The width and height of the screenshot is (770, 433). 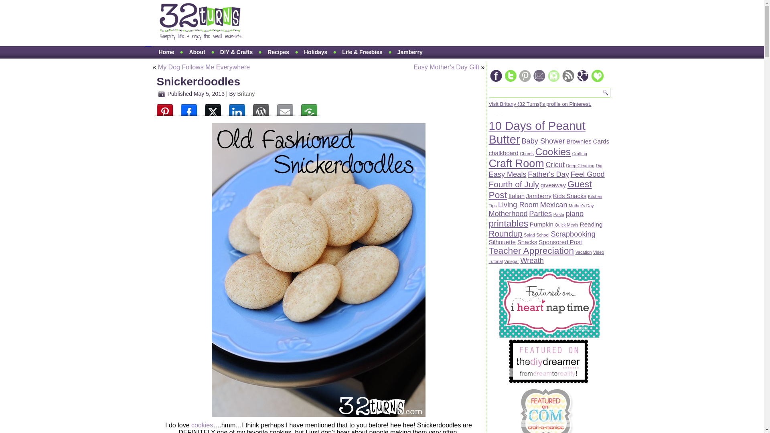 I want to click on 'Crafting', so click(x=580, y=153).